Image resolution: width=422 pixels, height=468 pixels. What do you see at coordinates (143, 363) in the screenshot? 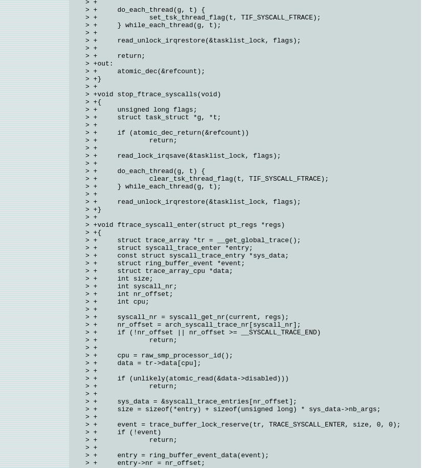
I see `'> +	data = tr->data[cpu];'` at bounding box center [143, 363].